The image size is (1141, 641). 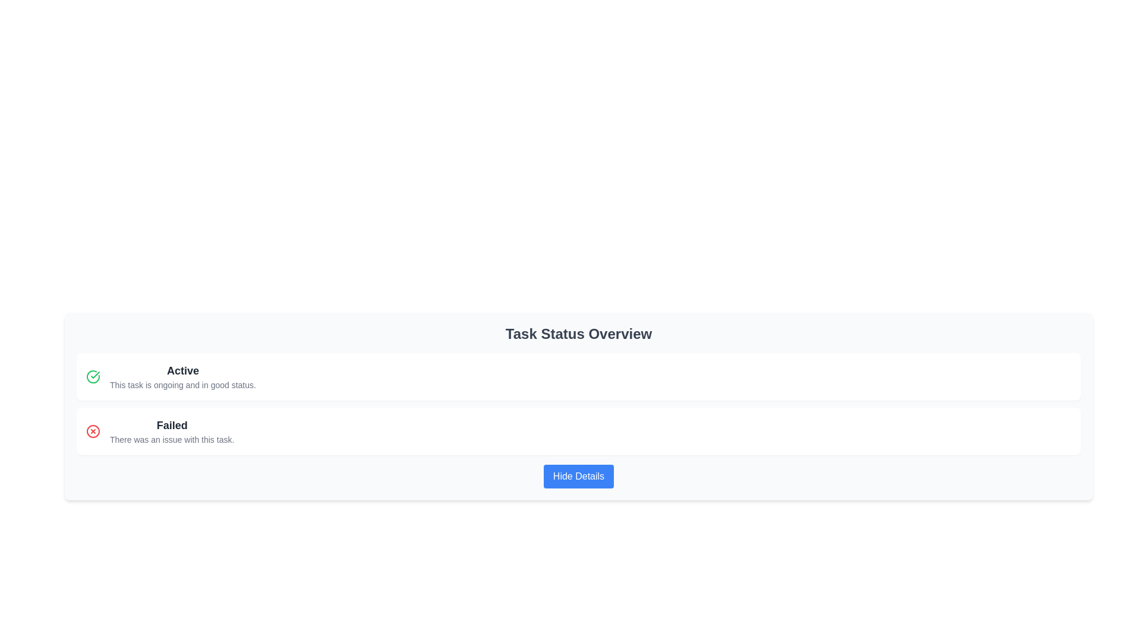 I want to click on attributes of the failure status icon located at the far-left side of the row labeled 'Failed', which precedes the text 'Failed', so click(x=97, y=431).